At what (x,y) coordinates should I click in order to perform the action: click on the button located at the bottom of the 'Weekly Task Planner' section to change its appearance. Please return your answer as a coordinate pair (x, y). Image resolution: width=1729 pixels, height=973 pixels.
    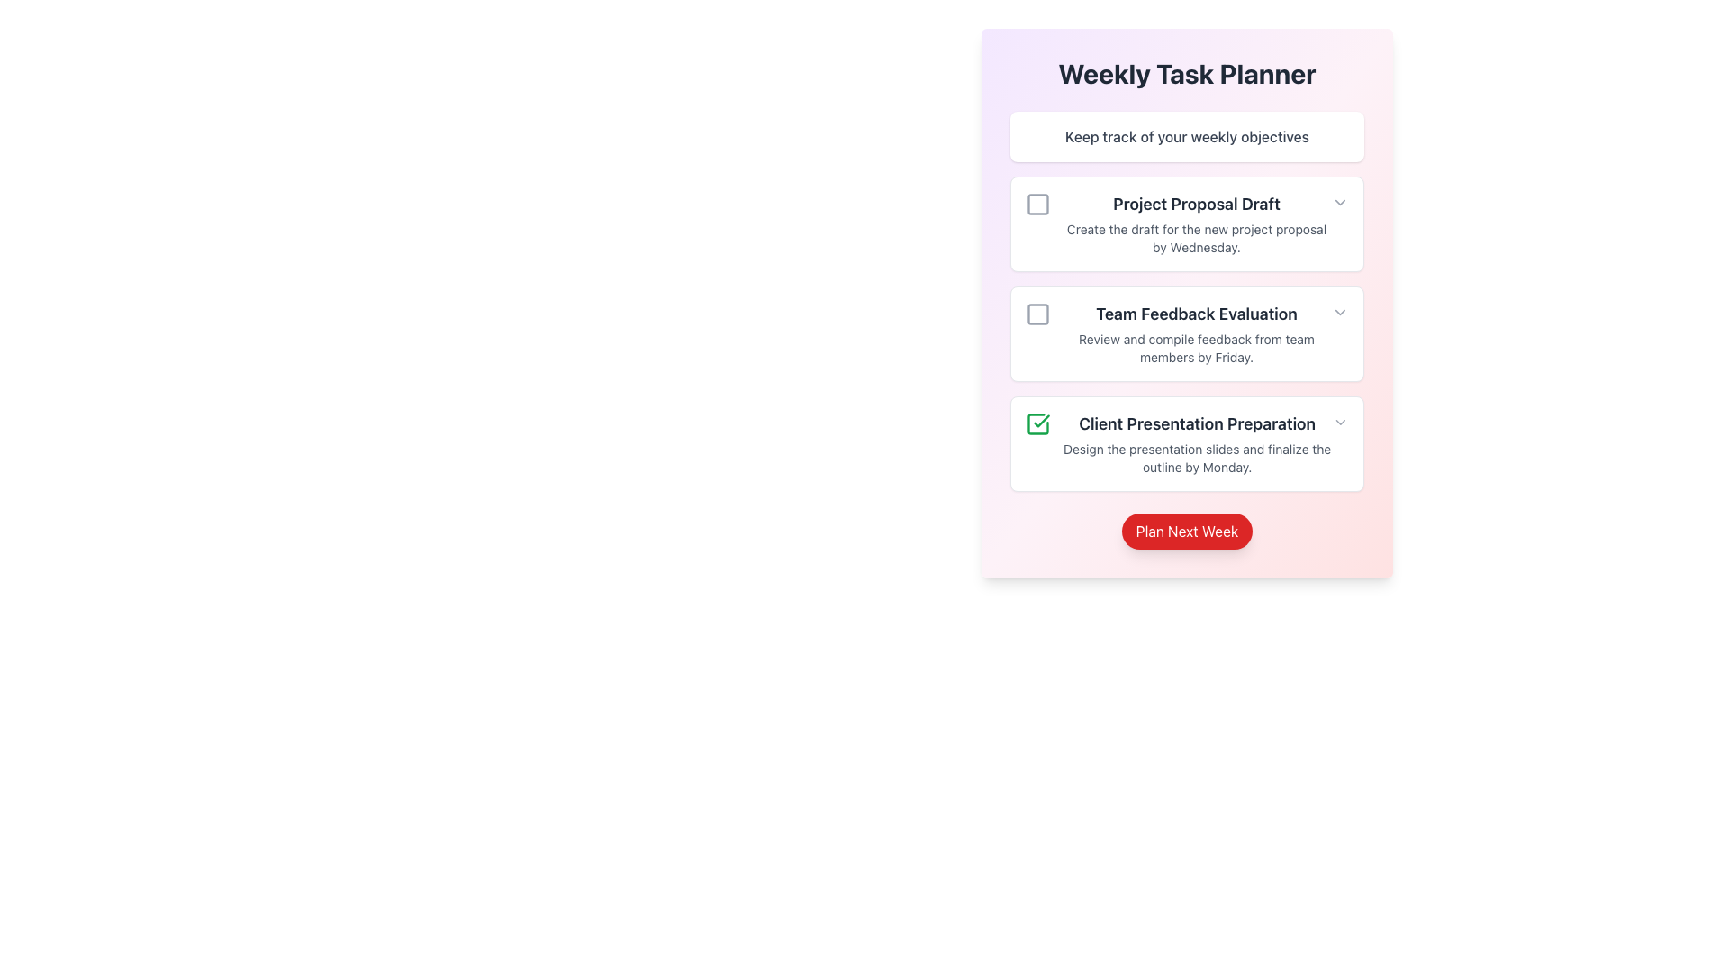
    Looking at the image, I should click on (1187, 531).